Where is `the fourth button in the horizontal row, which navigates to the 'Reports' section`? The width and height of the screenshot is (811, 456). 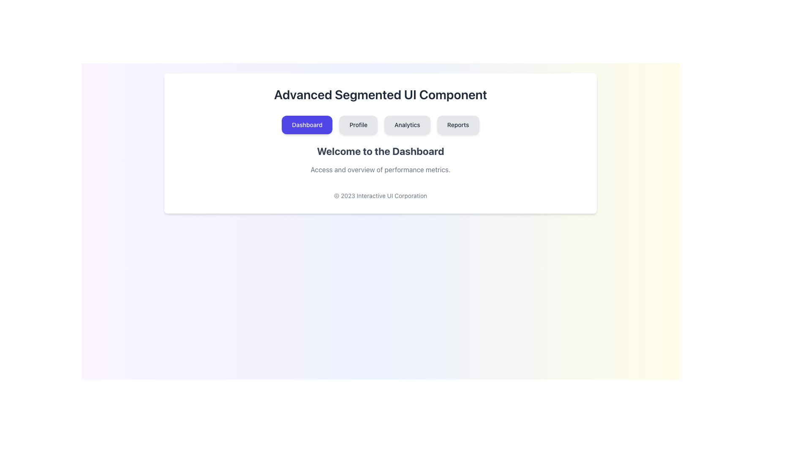
the fourth button in the horizontal row, which navigates to the 'Reports' section is located at coordinates (457, 125).